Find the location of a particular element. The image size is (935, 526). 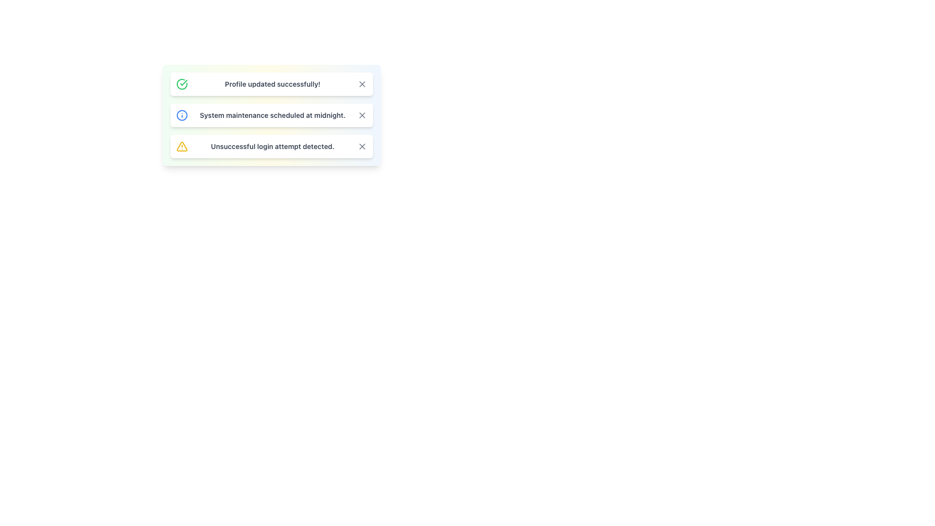

the green checkmark icon within the SVG, which is part of the notification card labeled 'Profile updated successfully!' is located at coordinates (184, 82).